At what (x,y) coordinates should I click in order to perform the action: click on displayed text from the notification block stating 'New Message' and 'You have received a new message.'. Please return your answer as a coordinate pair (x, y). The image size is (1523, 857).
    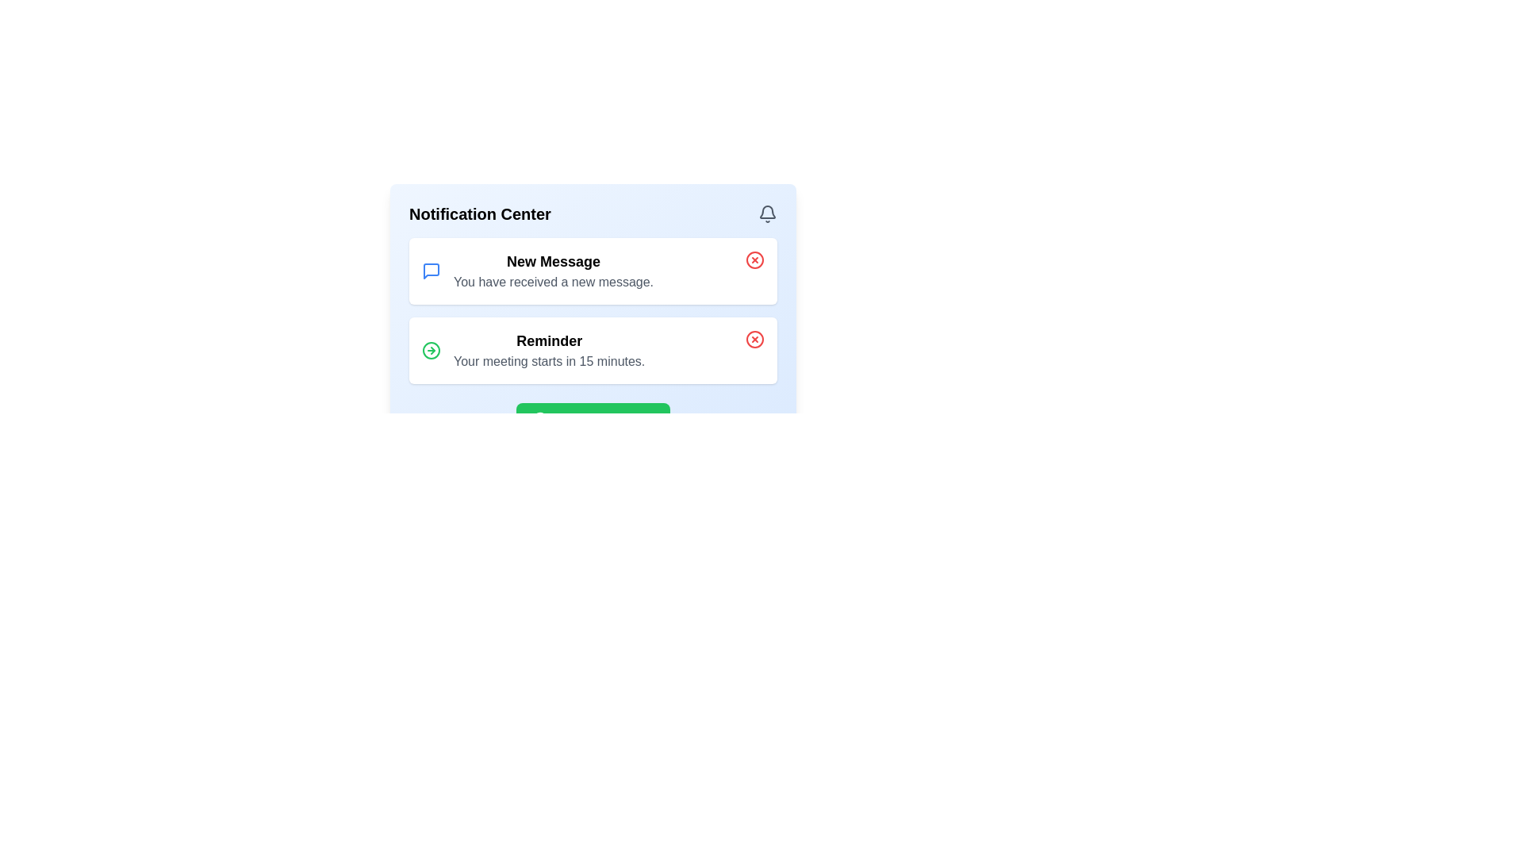
    Looking at the image, I should click on (553, 271).